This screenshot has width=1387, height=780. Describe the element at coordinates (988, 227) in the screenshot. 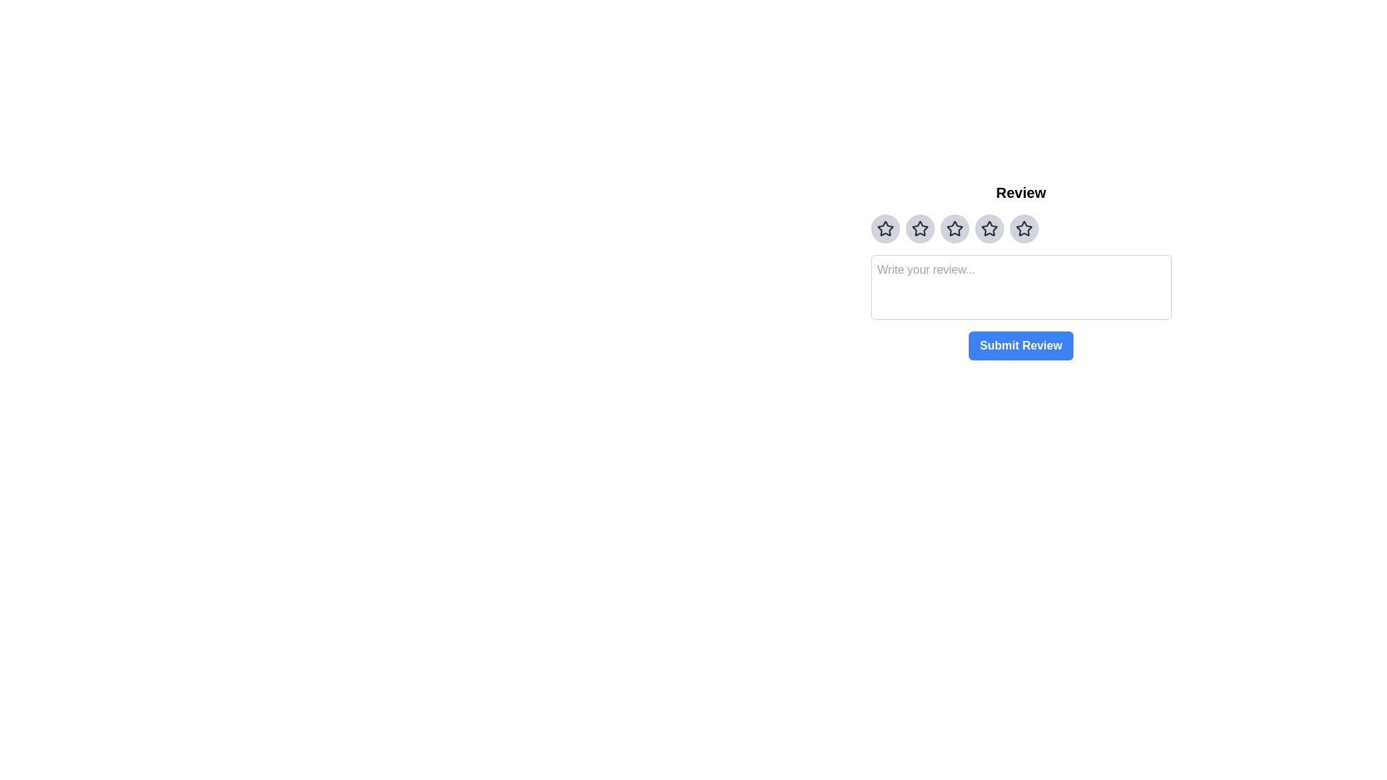

I see `the fourth star-shaped icon with an outlined design in gray, used for rating purposes, located in the Review section` at that location.